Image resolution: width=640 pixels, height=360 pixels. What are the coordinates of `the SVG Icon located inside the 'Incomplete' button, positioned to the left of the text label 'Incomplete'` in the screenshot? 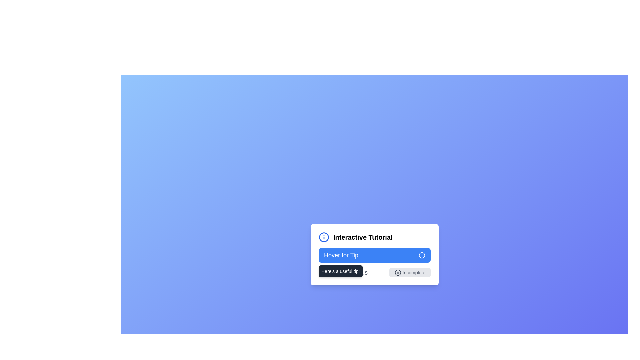 It's located at (398, 272).